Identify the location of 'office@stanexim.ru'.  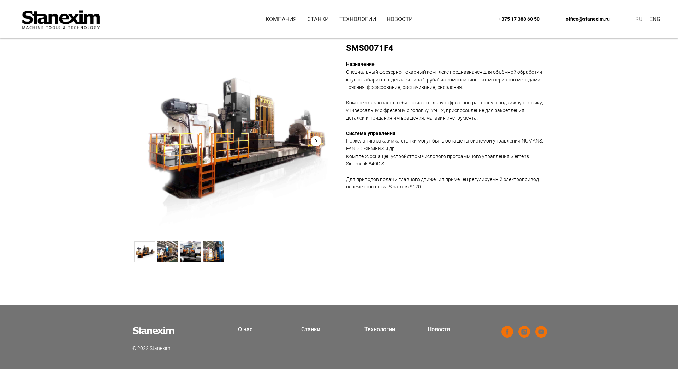
(554, 19).